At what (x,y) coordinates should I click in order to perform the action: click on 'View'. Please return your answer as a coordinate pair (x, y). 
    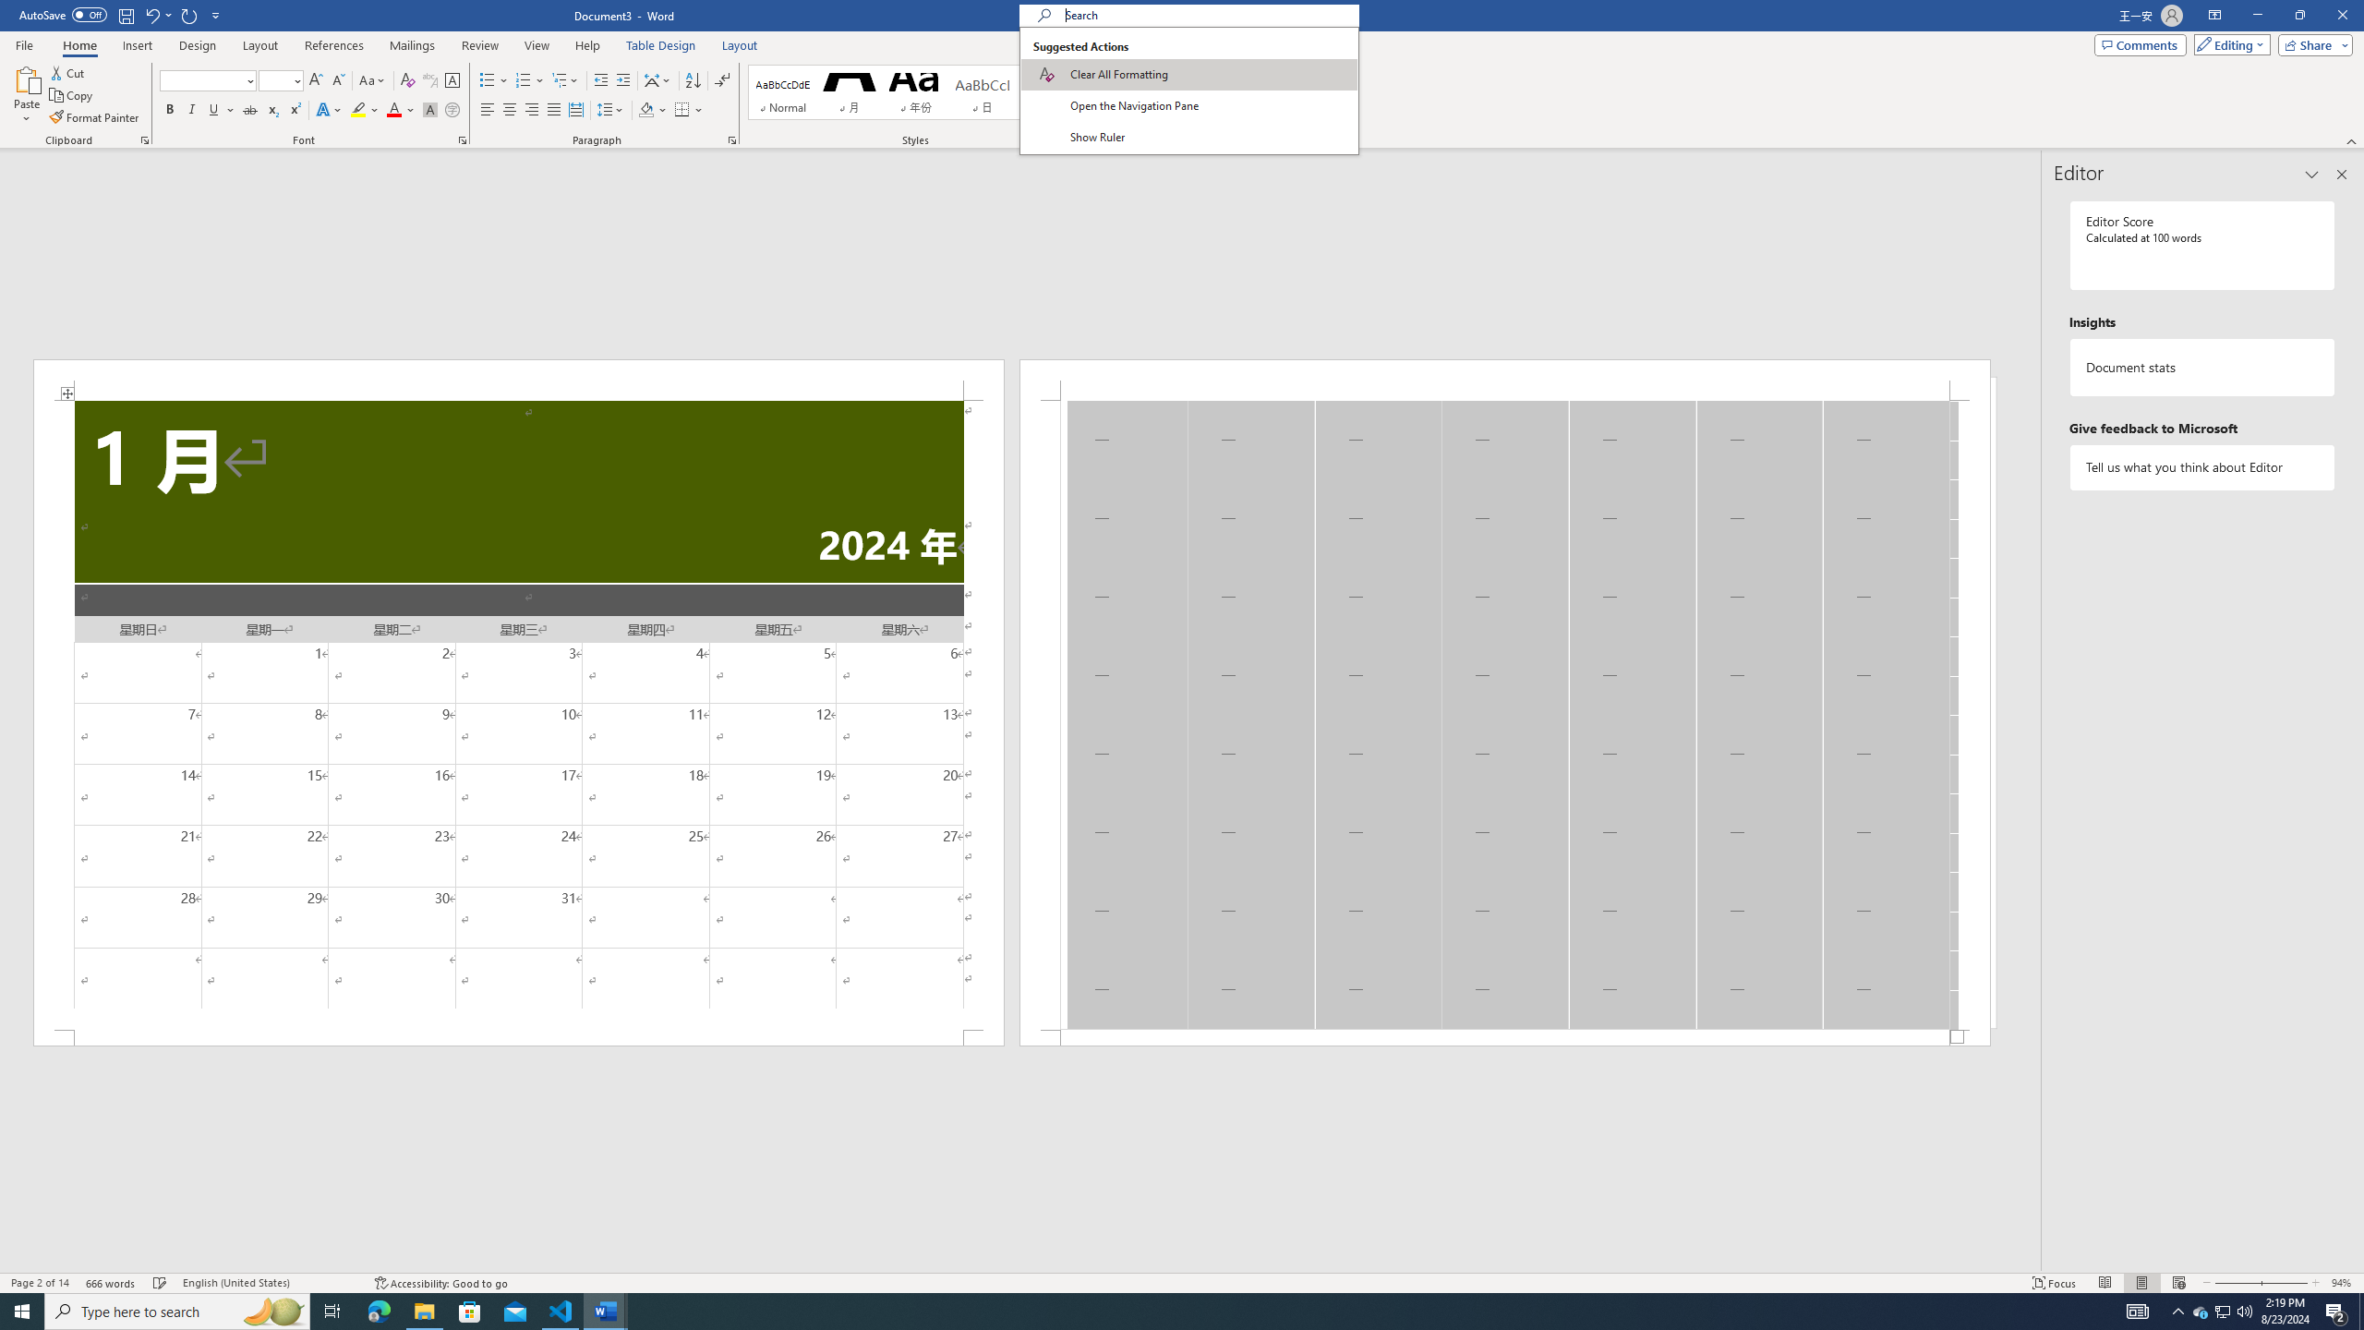
    Looking at the image, I should click on (537, 45).